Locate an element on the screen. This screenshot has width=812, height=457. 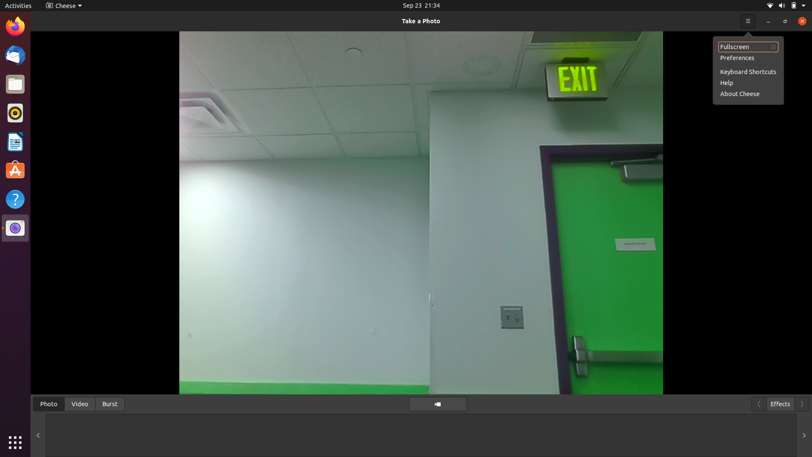
the help interface is located at coordinates (747, 83).